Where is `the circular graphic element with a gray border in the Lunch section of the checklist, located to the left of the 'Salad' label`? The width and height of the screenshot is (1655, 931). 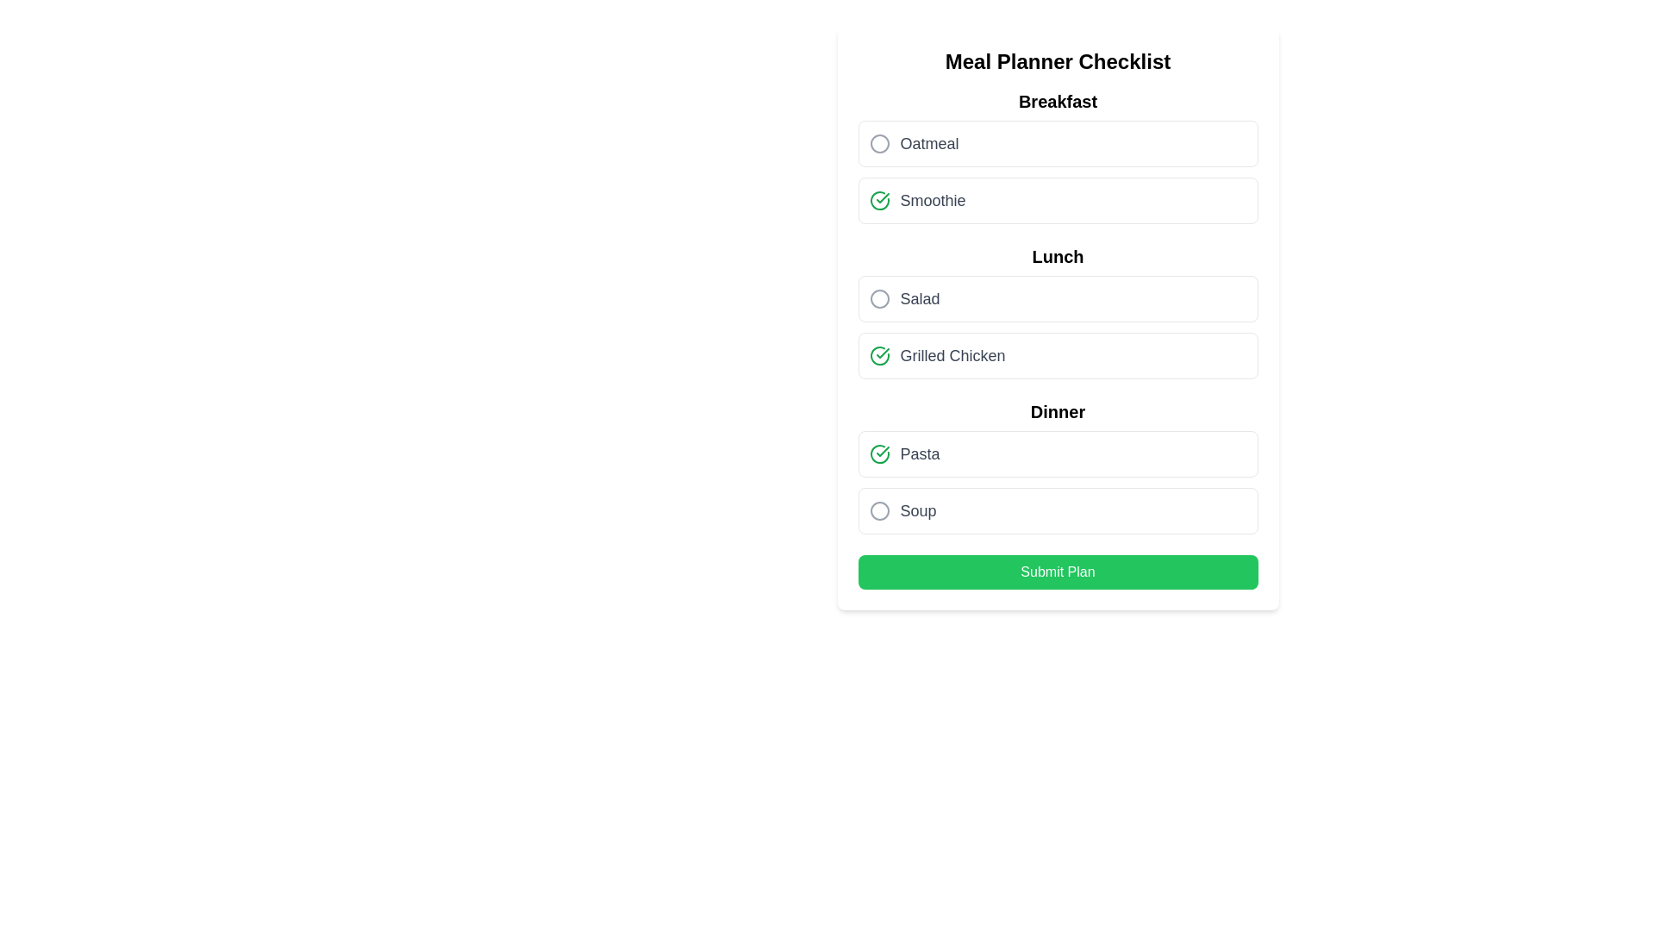
the circular graphic element with a gray border in the Lunch section of the checklist, located to the left of the 'Salad' label is located at coordinates (879, 298).